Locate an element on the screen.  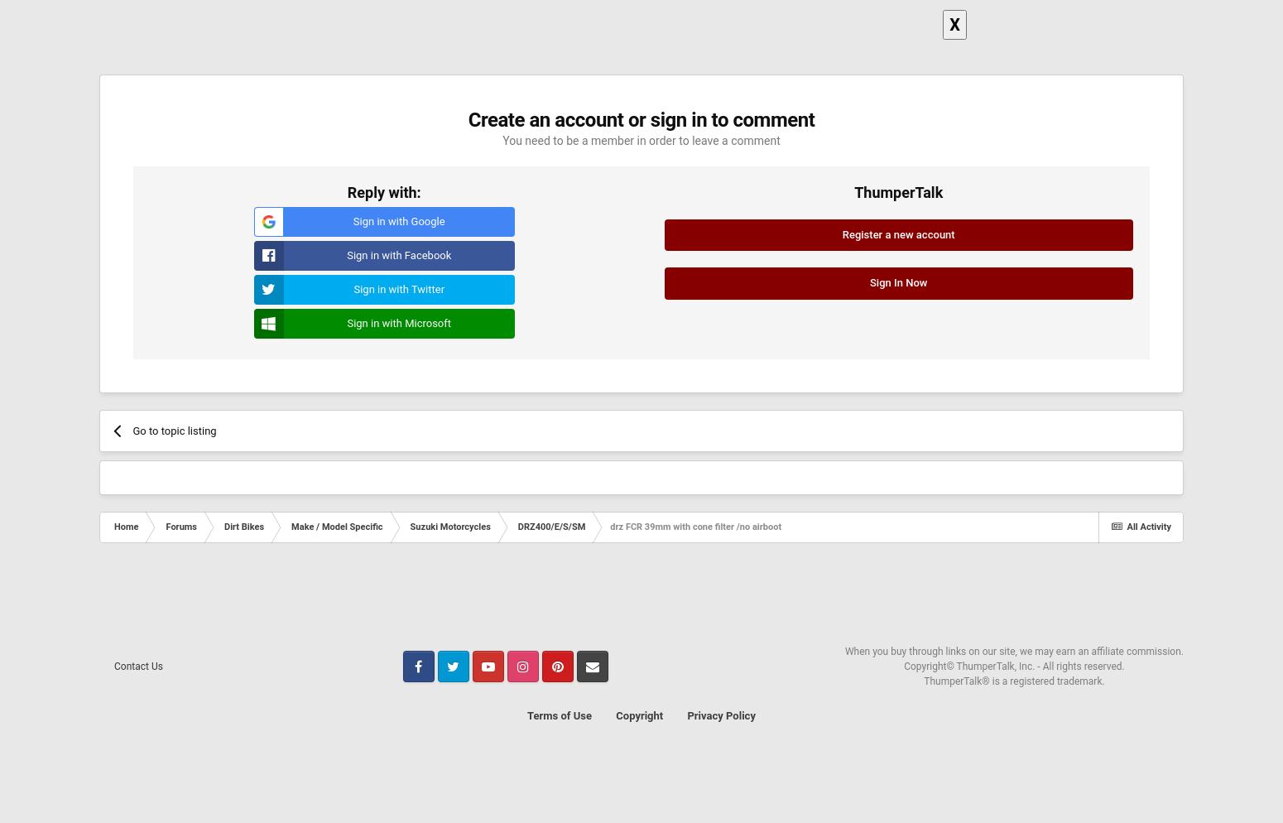
'Create an account or sign in to comment' is located at coordinates (641, 119).